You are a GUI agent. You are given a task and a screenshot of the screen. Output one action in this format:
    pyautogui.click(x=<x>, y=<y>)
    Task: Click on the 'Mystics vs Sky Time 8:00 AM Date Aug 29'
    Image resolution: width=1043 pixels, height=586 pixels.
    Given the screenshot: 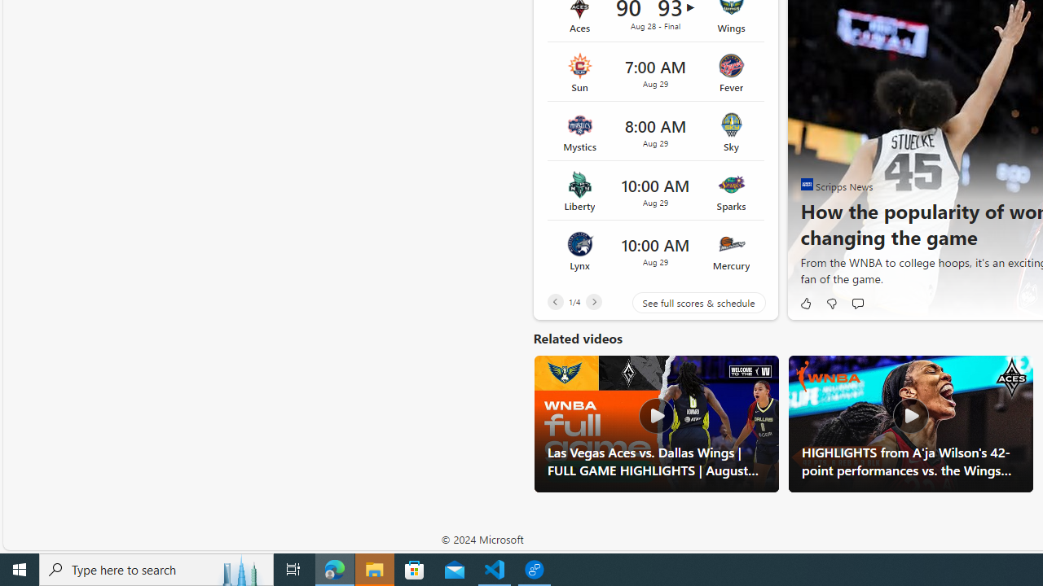 What is the action you would take?
    pyautogui.click(x=655, y=131)
    